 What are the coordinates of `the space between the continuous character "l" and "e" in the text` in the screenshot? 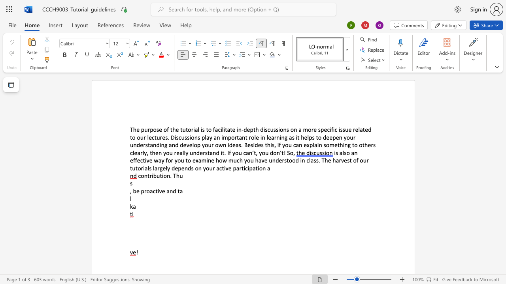 It's located at (256, 137).